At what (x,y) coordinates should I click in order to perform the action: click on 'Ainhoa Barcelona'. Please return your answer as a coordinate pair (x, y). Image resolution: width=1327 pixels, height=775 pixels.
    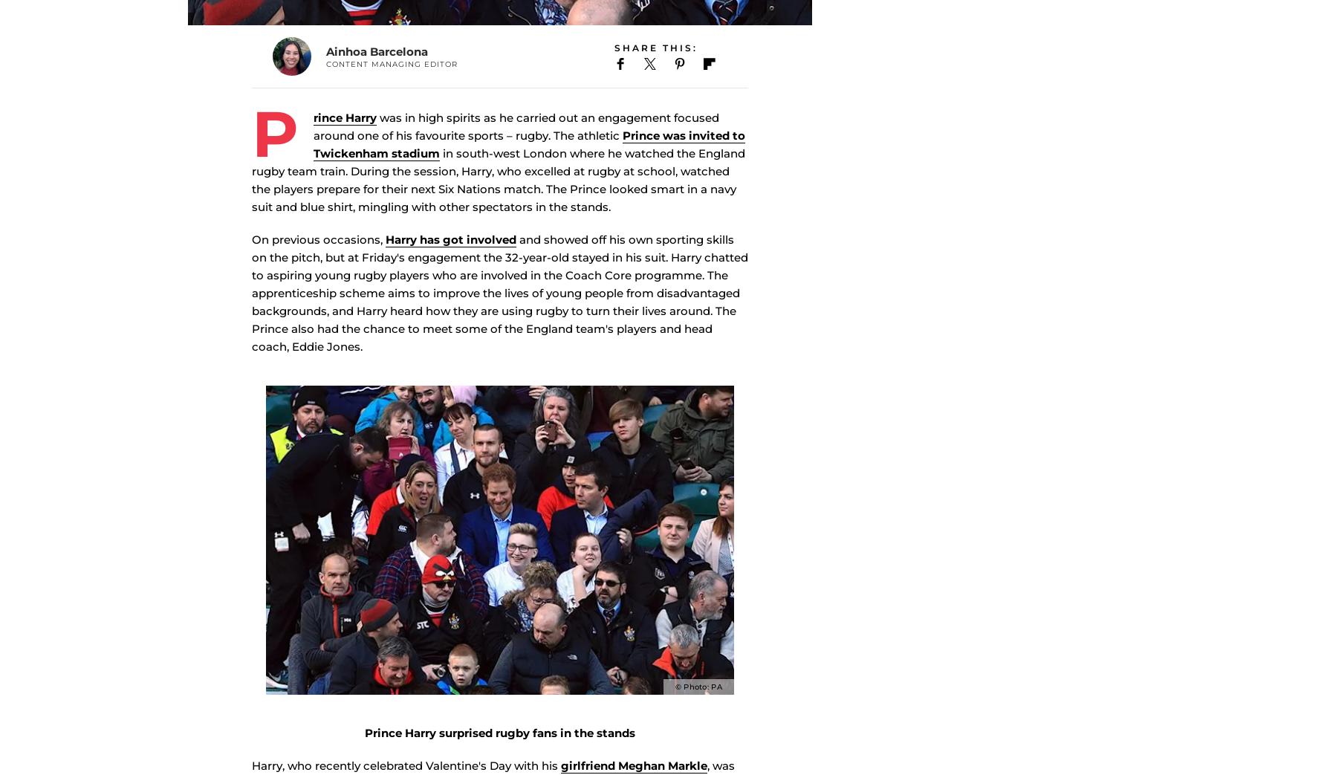
    Looking at the image, I should click on (376, 73).